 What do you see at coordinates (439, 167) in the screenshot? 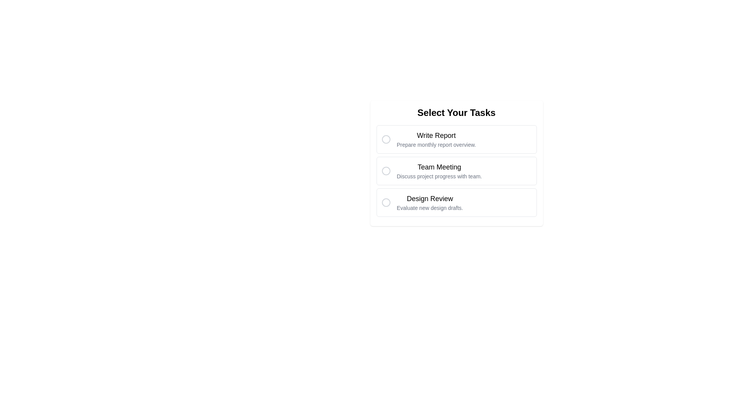
I see `the text label that serves as the heading for the second item in a vertical list, which summarizes the content or purpose of that item` at bounding box center [439, 167].